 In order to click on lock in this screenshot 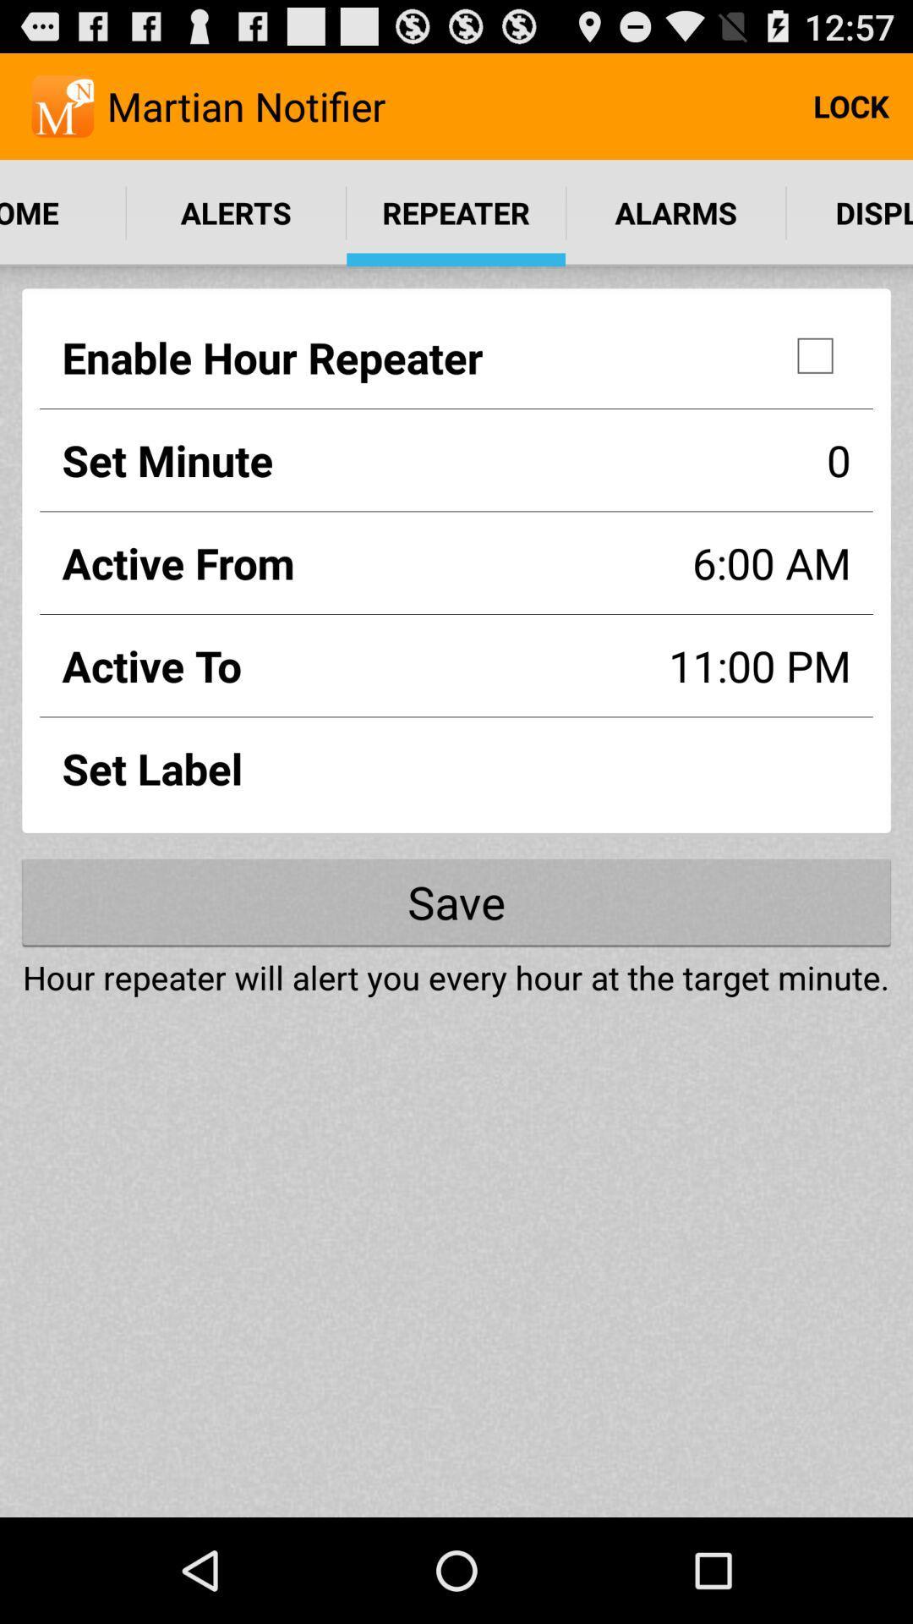, I will do `click(850, 105)`.